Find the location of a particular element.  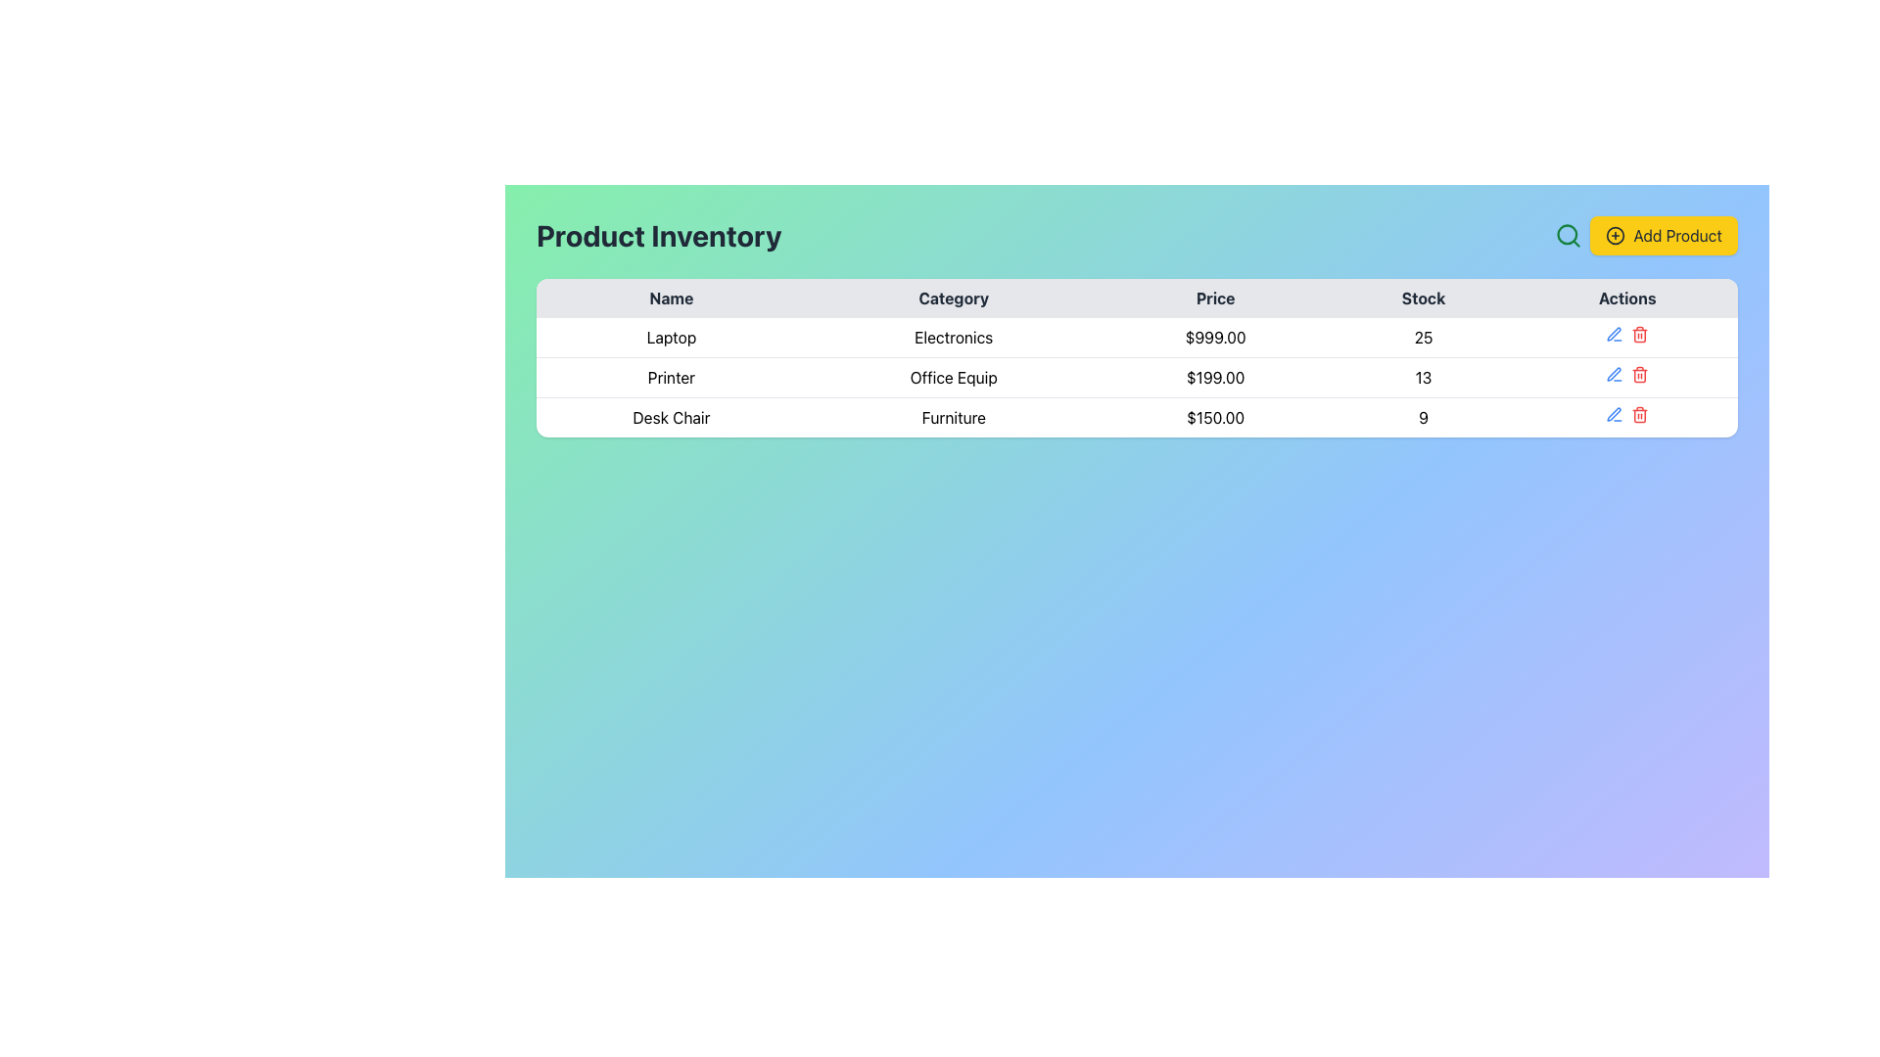

the text label displaying 'Office Equip' in the second row of the table under the 'Category' column is located at coordinates (954, 377).